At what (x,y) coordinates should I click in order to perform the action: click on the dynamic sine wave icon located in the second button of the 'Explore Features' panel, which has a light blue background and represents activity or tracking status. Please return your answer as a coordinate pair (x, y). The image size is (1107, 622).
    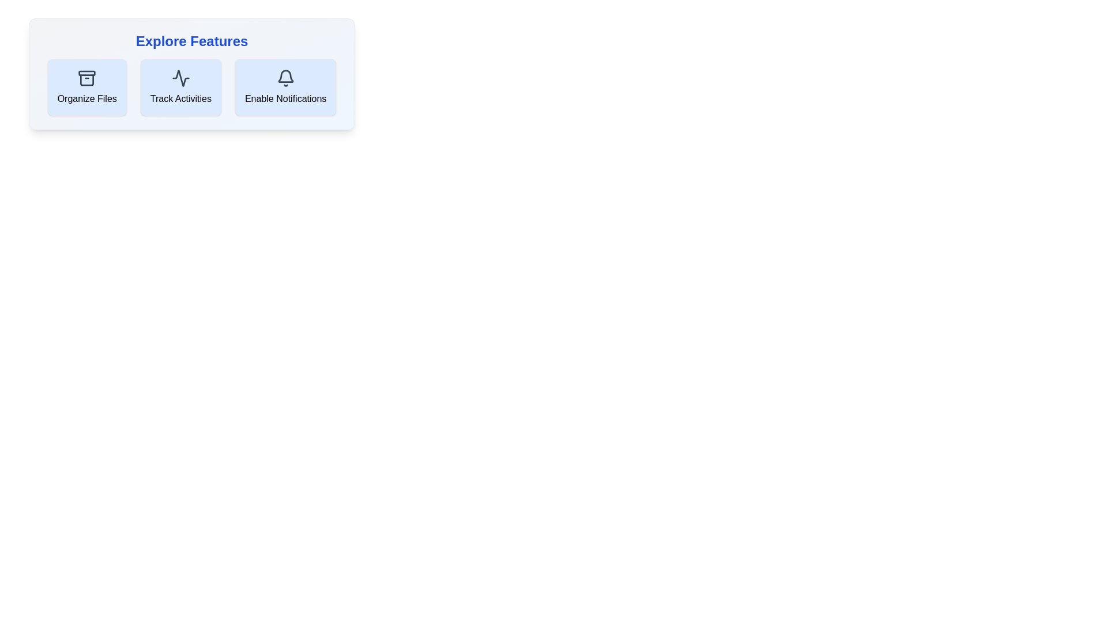
    Looking at the image, I should click on (180, 78).